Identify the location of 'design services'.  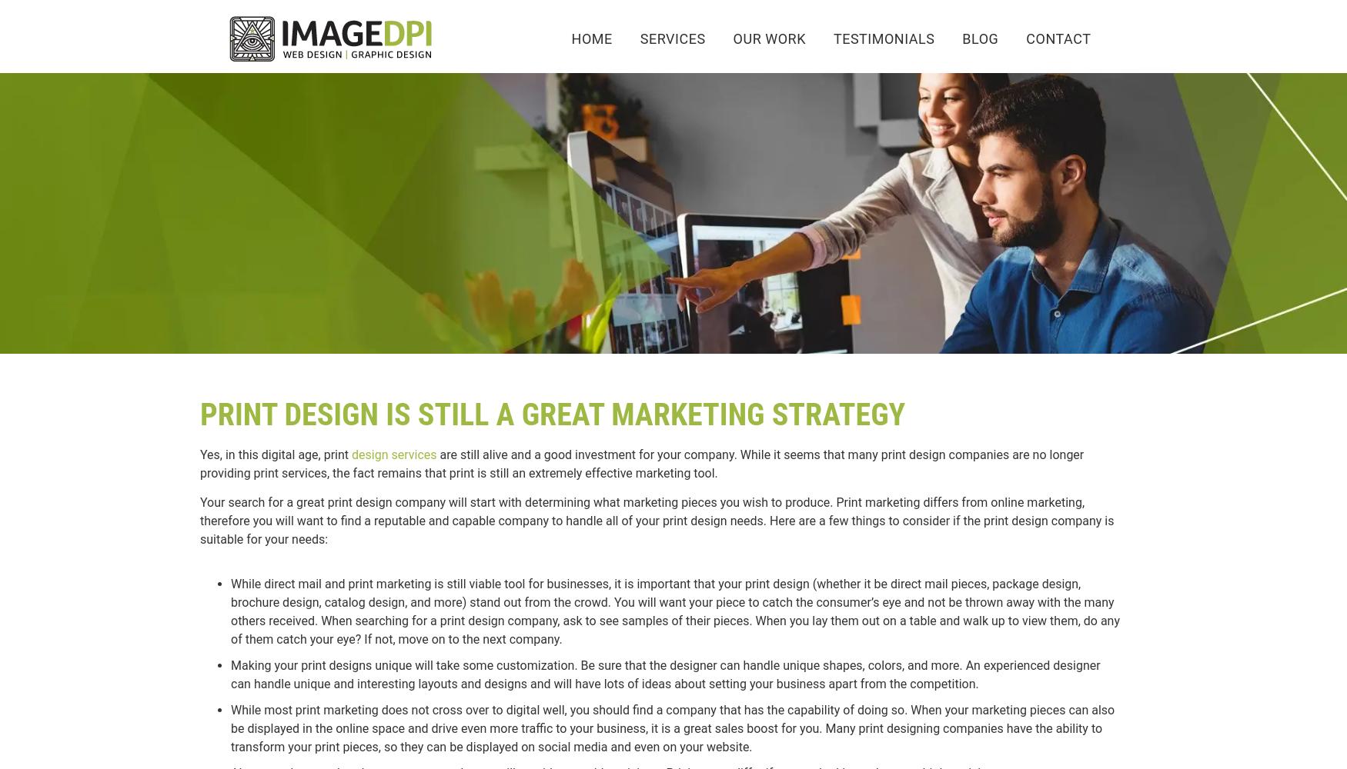
(351, 453).